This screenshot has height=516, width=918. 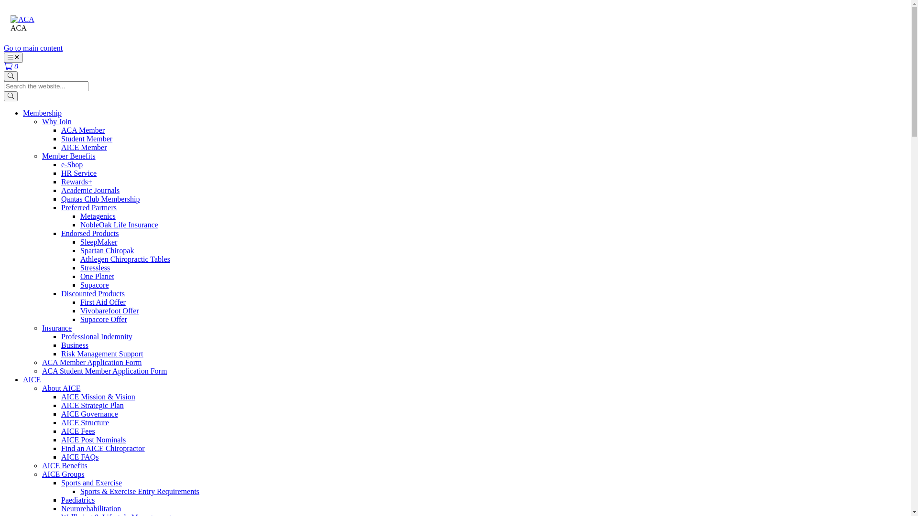 What do you see at coordinates (11, 96) in the screenshot?
I see `'Search'` at bounding box center [11, 96].